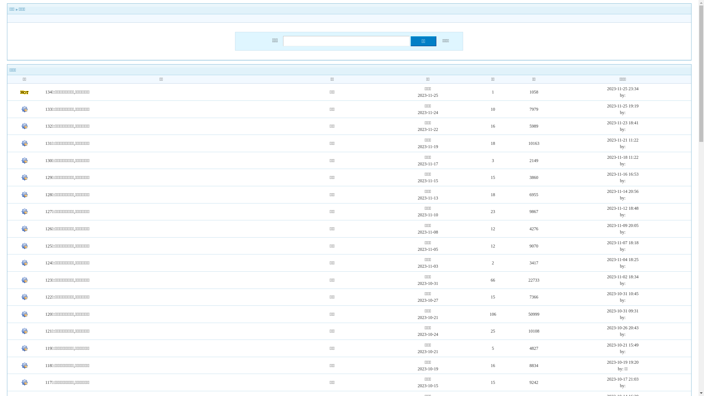 The width and height of the screenshot is (704, 396). I want to click on '2023-11-09 20:05', so click(623, 225).